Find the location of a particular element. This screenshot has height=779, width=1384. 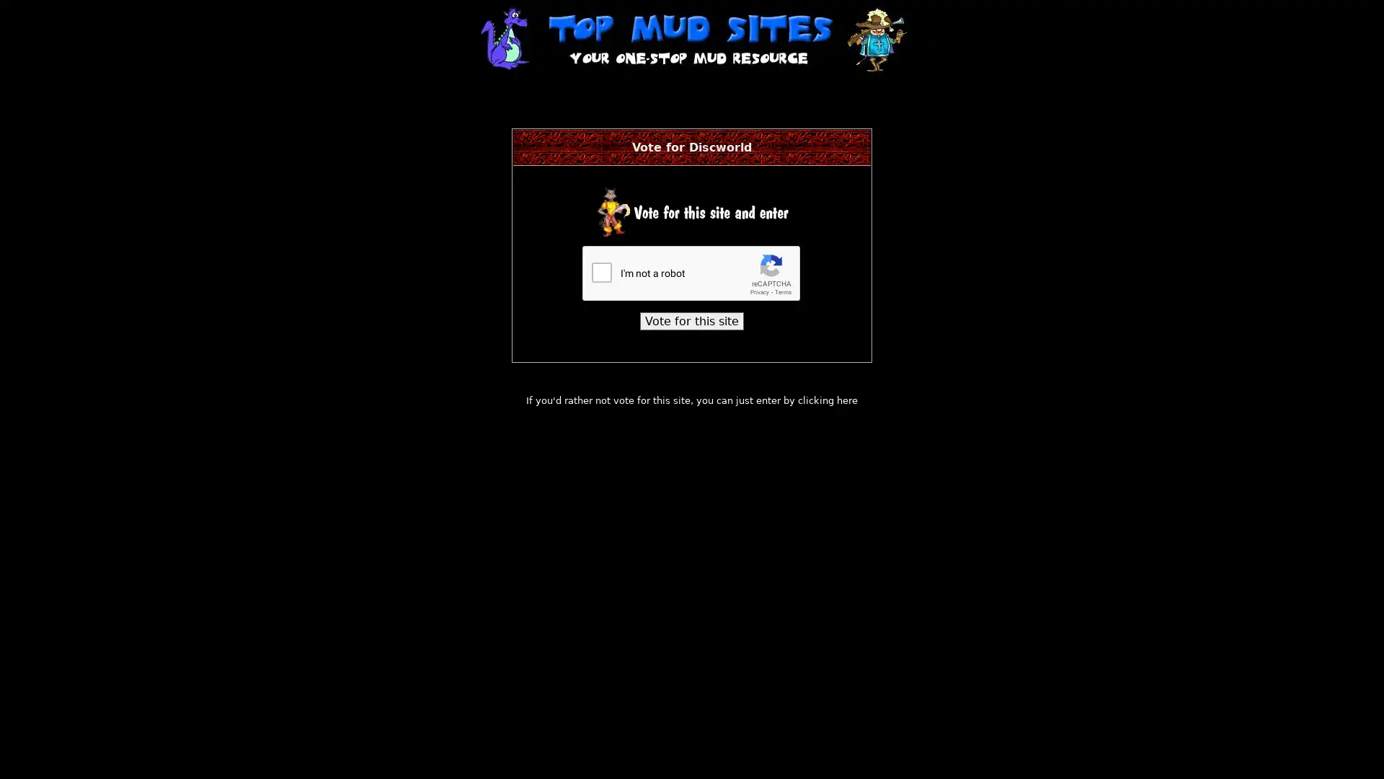

Vote for this site is located at coordinates (692, 320).